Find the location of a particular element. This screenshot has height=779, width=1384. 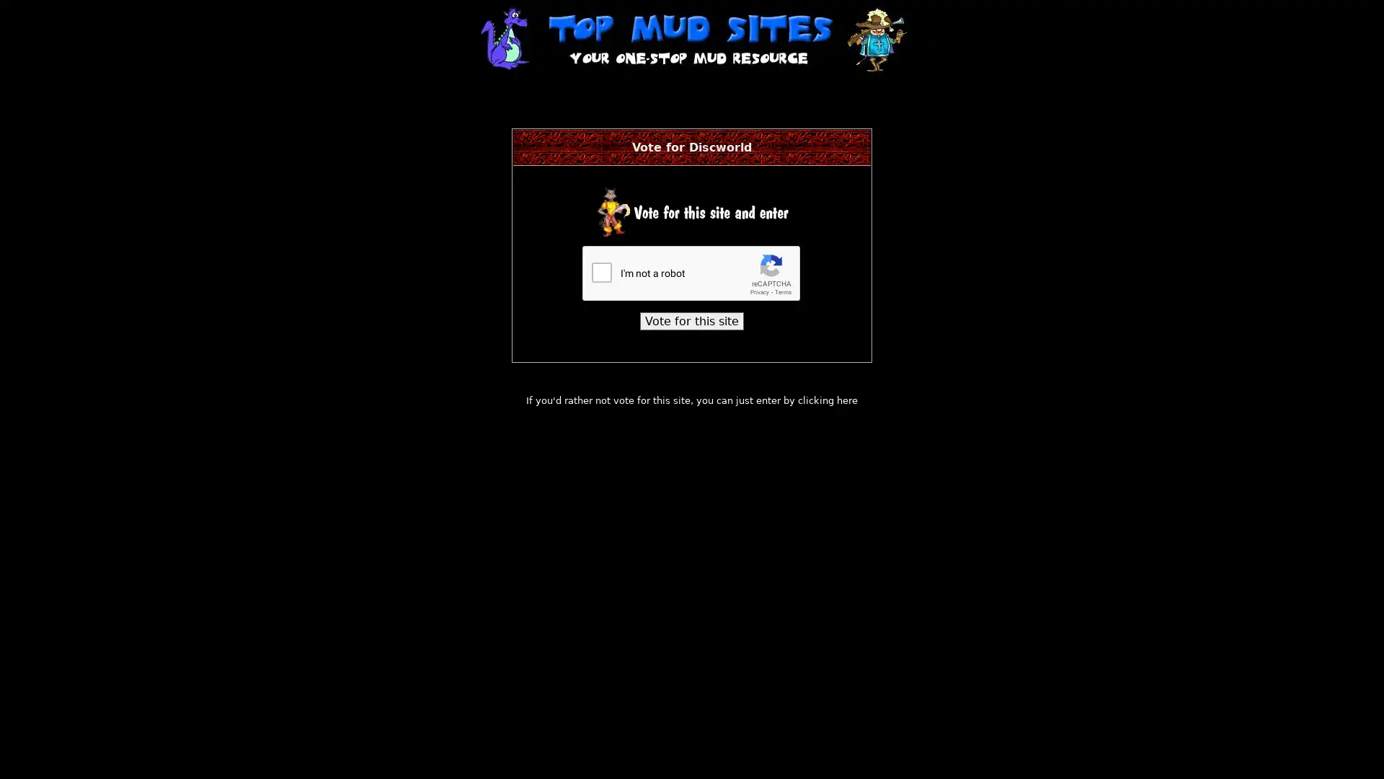

Vote for this site is located at coordinates (692, 320).